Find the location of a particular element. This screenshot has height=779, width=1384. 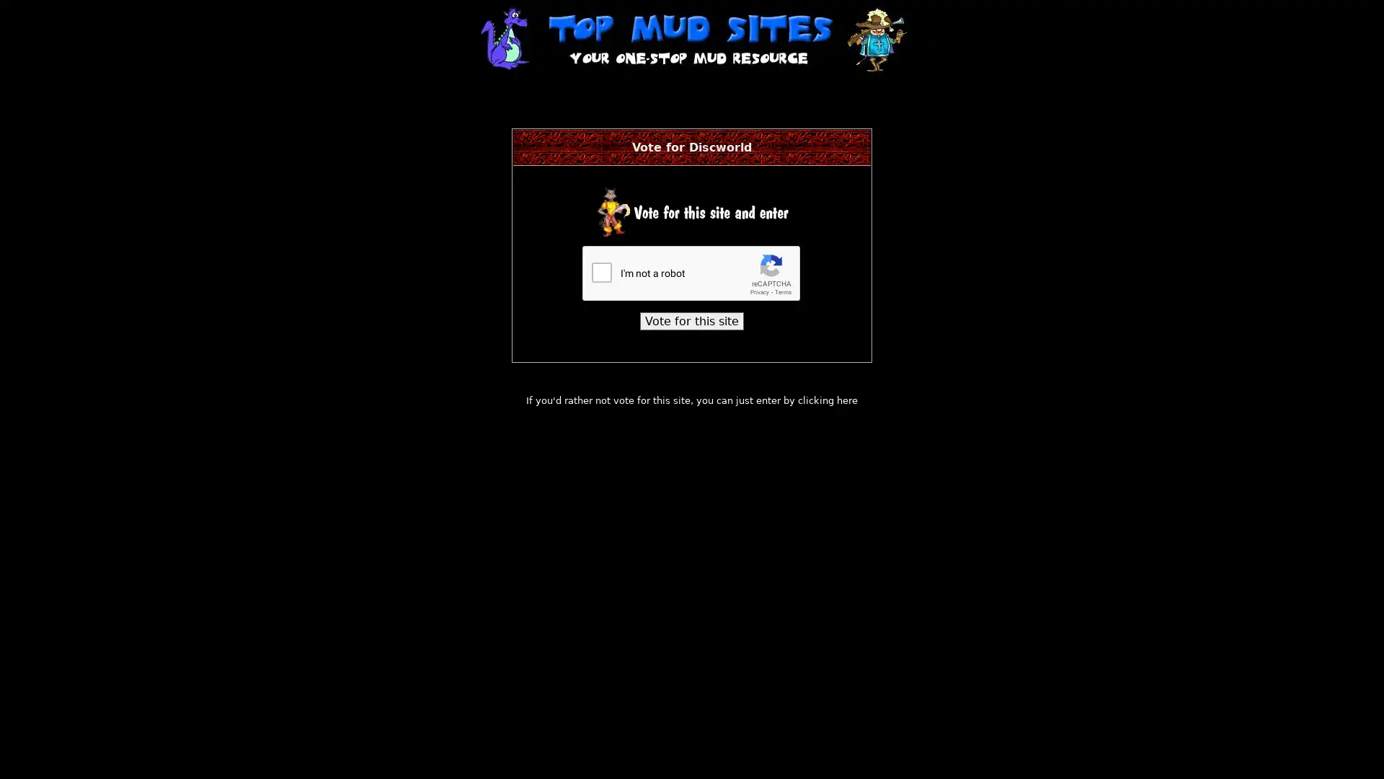

Vote for this site is located at coordinates (692, 320).